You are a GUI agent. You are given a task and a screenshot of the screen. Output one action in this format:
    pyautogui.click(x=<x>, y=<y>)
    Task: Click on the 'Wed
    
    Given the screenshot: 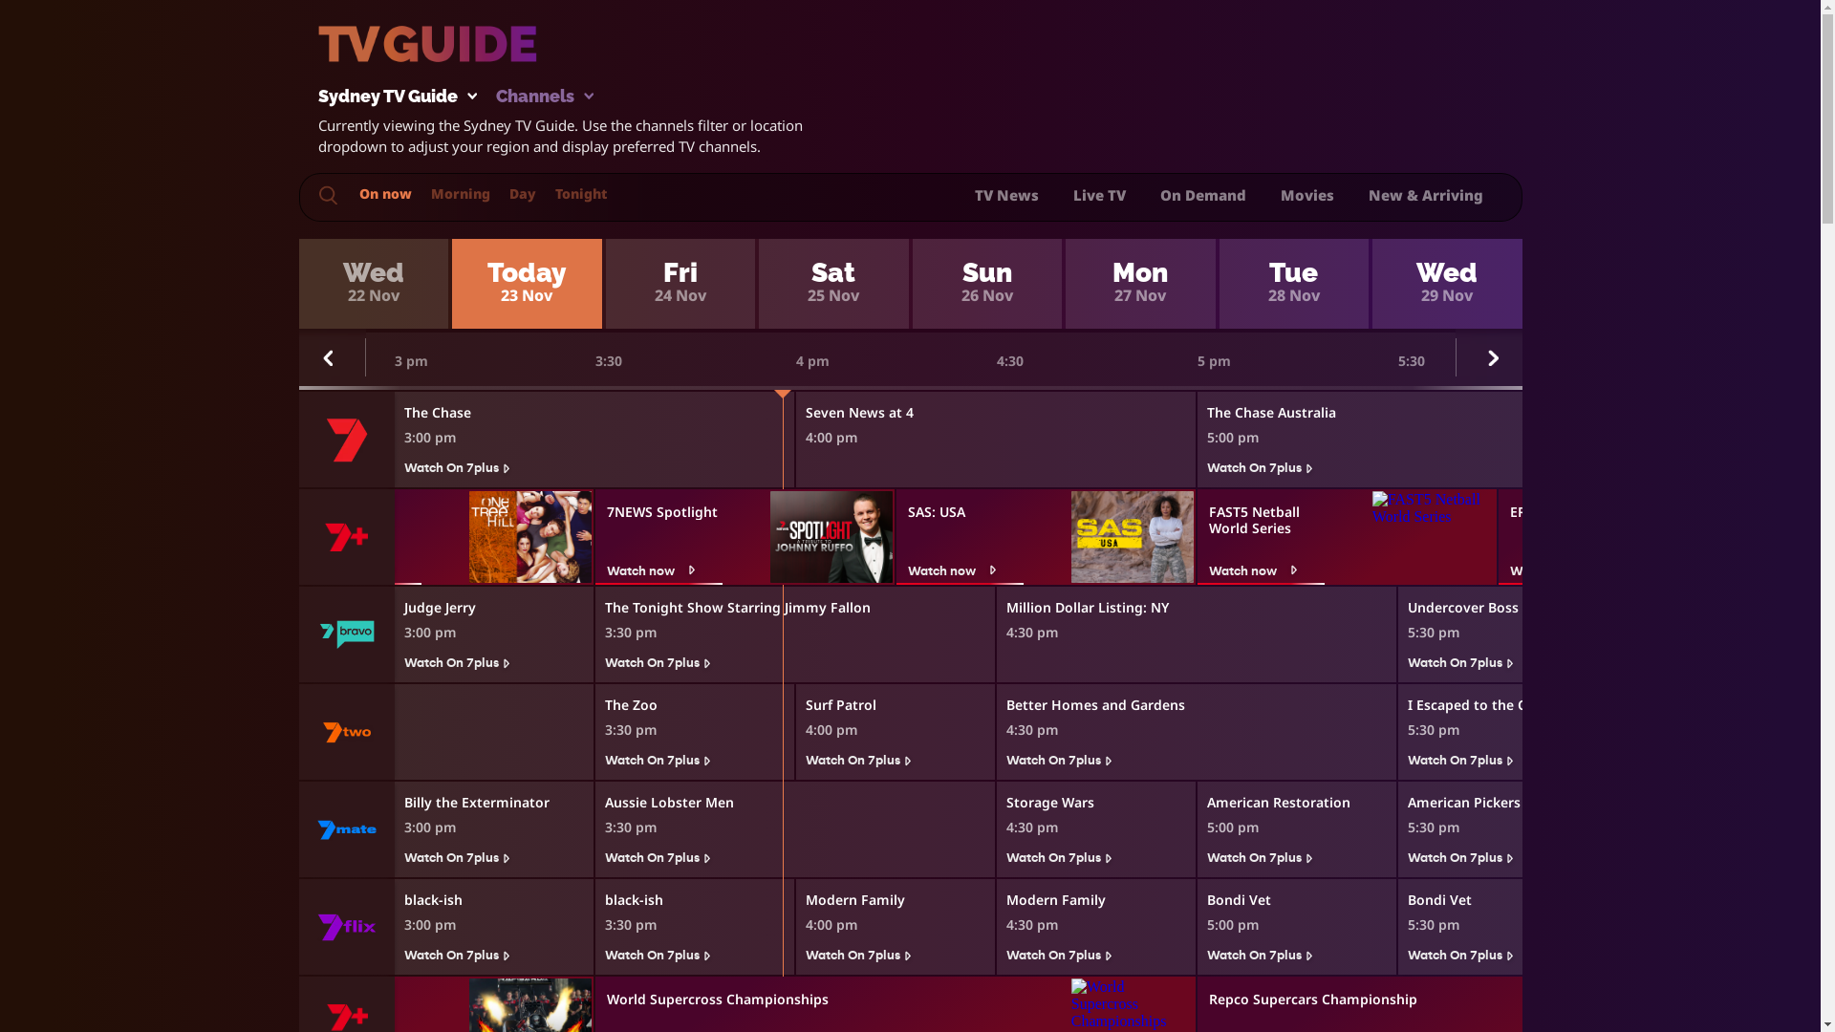 What is the action you would take?
    pyautogui.click(x=373, y=284)
    